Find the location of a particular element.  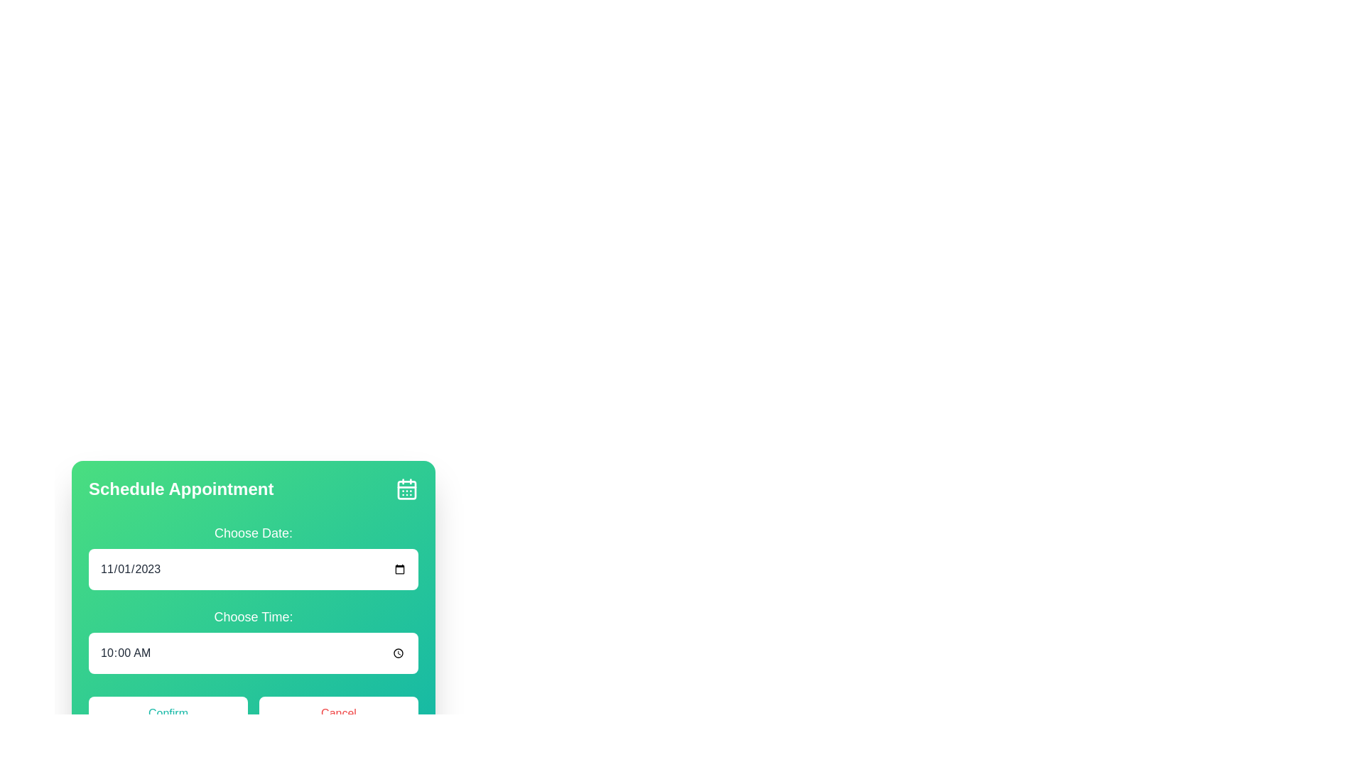

the Text Label that indicates the purpose of the time input field, located below the 'Choose Date:' section and above the time input field, to aid users in understanding its functionality is located at coordinates (253, 616).